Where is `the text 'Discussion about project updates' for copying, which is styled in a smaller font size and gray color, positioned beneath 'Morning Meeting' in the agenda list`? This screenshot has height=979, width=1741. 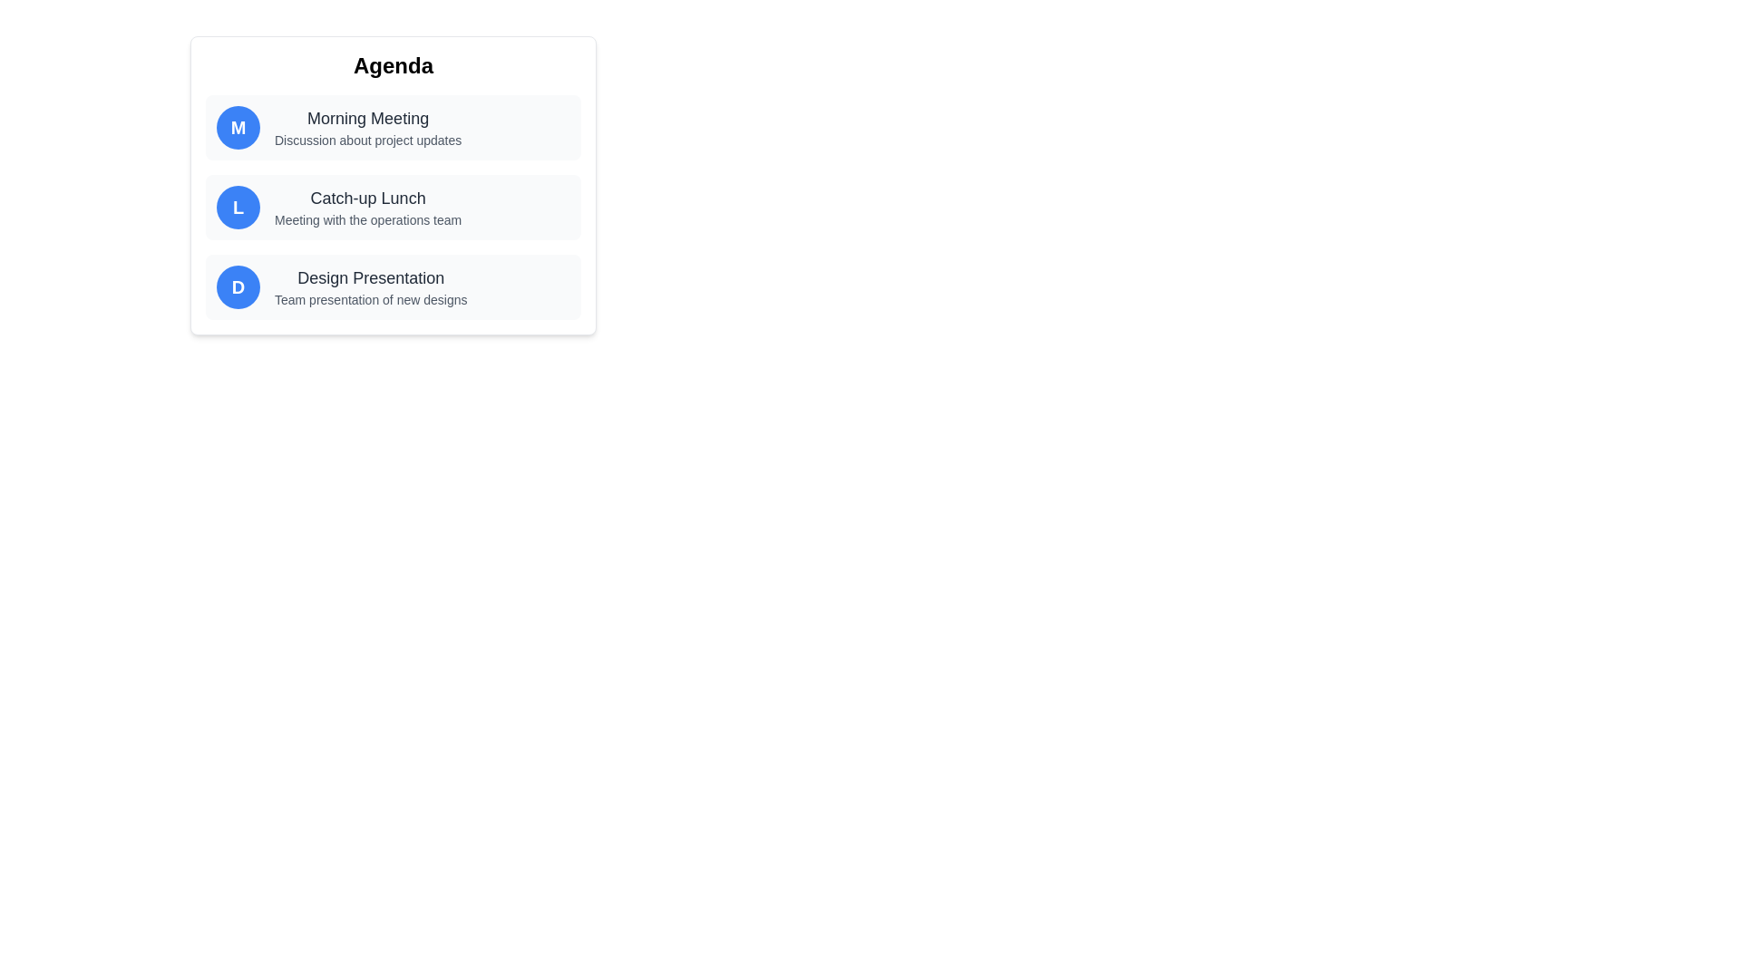
the text 'Discussion about project updates' for copying, which is styled in a smaller font size and gray color, positioned beneath 'Morning Meeting' in the agenda list is located at coordinates (367, 139).